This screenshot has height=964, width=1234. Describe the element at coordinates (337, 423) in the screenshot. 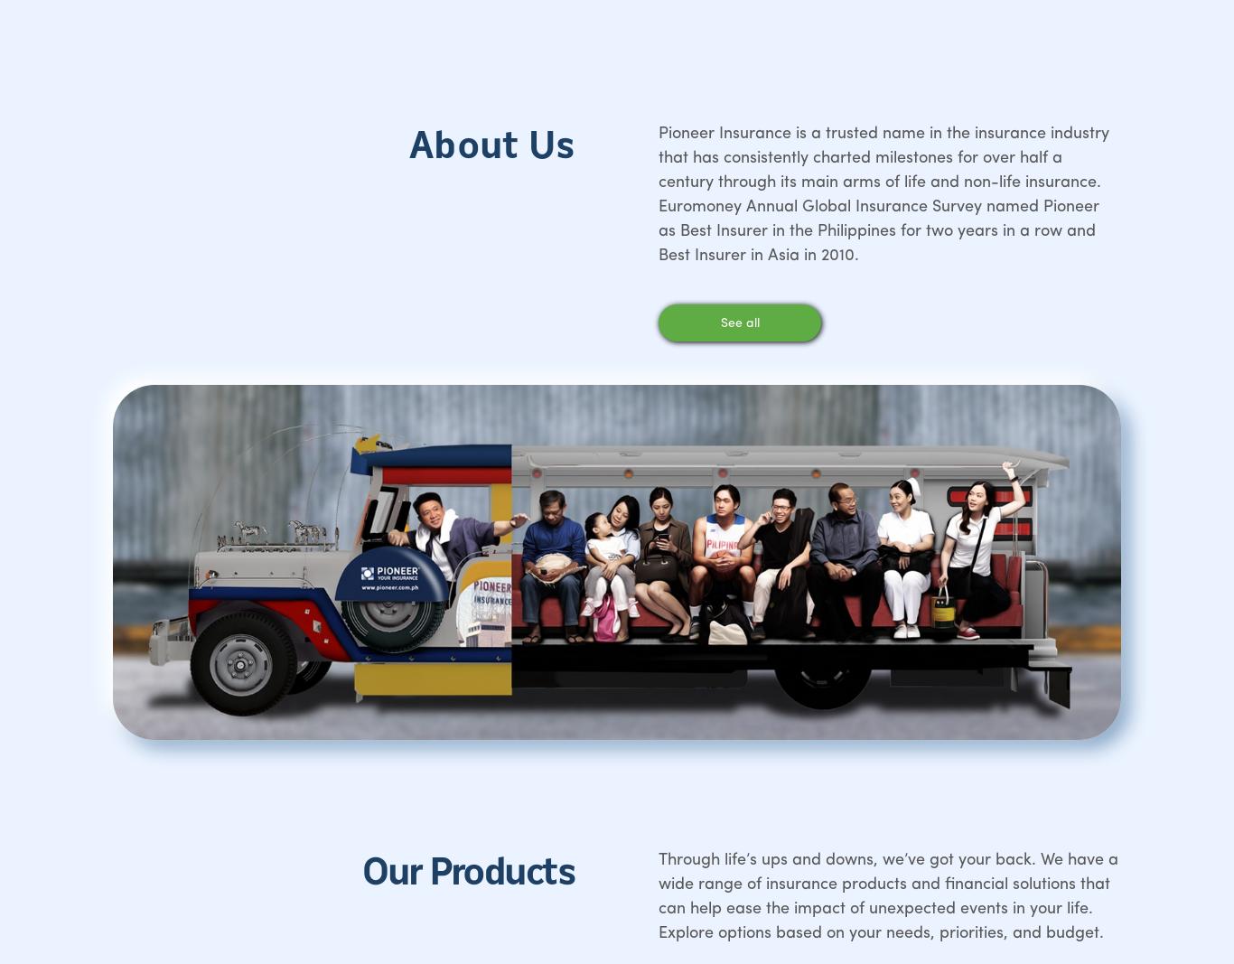

I see `'Branch Directory'` at that location.